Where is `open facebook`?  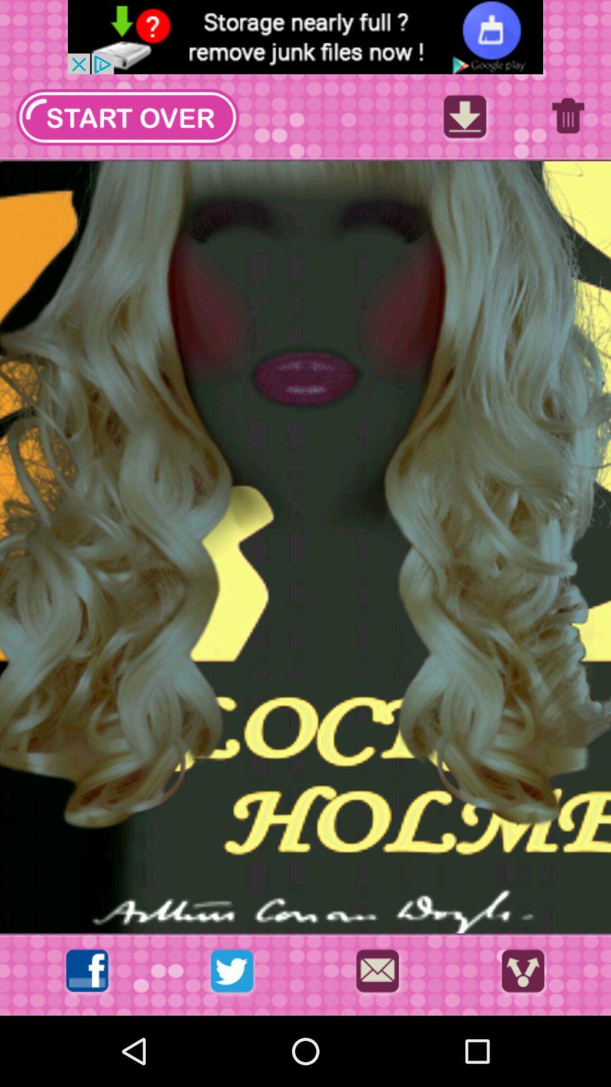 open facebook is located at coordinates (86, 974).